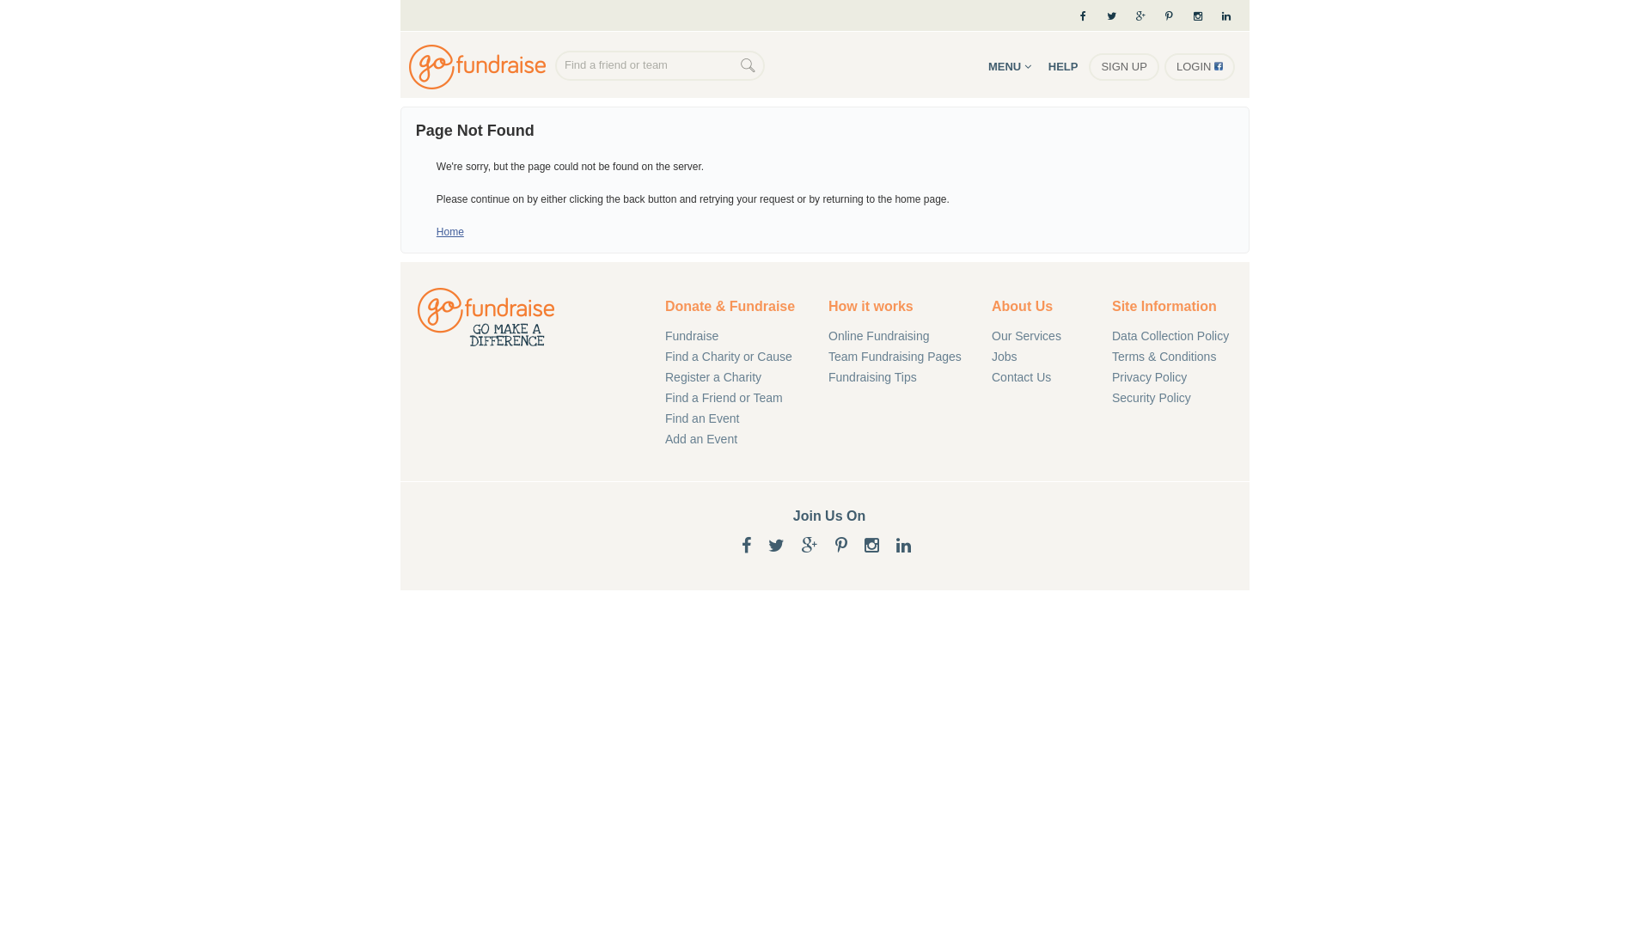 The width and height of the screenshot is (1650, 928). What do you see at coordinates (1179, 356) in the screenshot?
I see `'Terms & Conditions'` at bounding box center [1179, 356].